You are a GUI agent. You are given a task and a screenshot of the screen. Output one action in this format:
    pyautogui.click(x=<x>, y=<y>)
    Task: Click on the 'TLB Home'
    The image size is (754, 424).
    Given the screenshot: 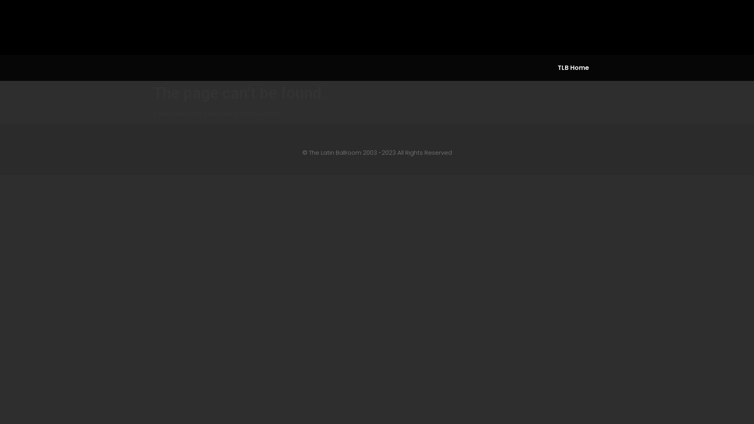 What is the action you would take?
    pyautogui.click(x=573, y=68)
    